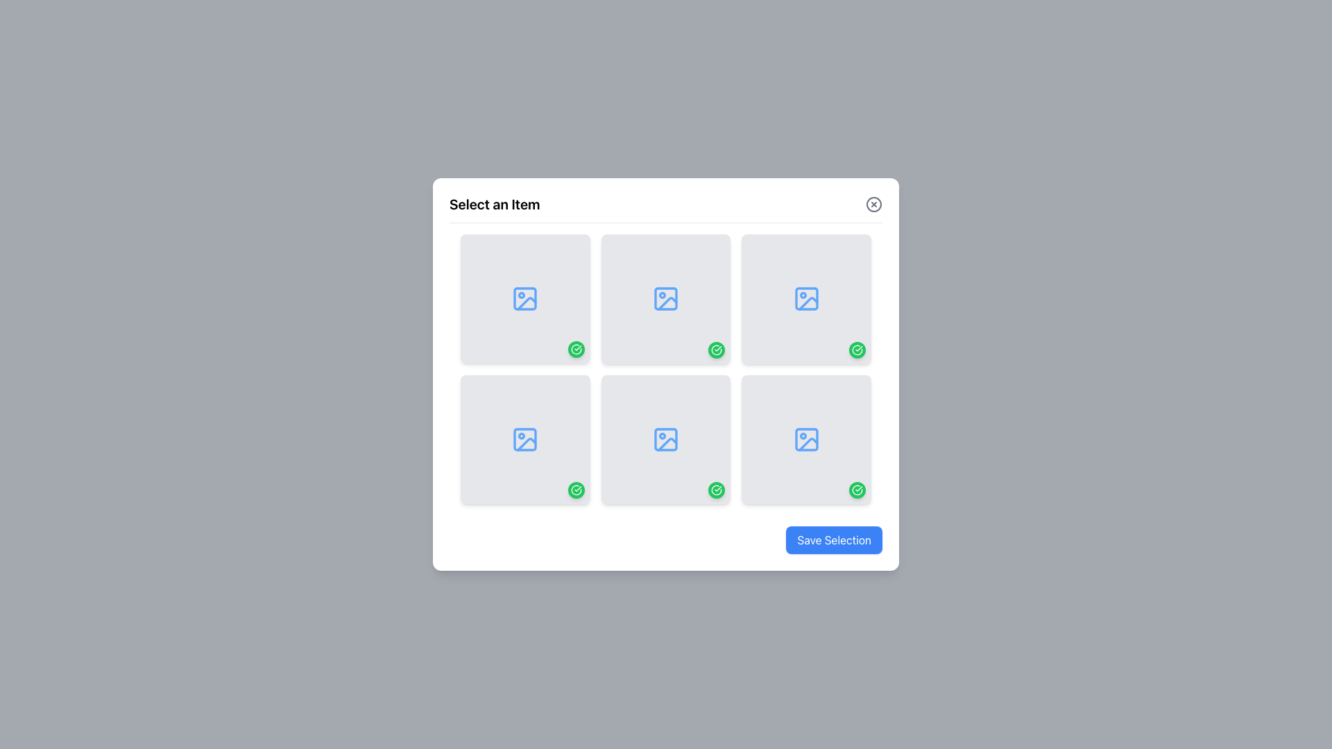 The width and height of the screenshot is (1332, 749). I want to click on the decorative graphical component located in the top-left corner of a three-by-two grid layout within the SVG icon, so click(524, 298).